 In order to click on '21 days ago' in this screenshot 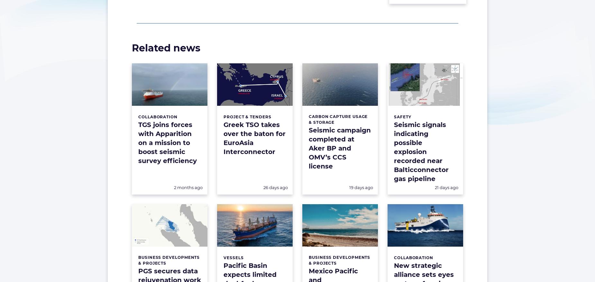, I will do `click(446, 187)`.